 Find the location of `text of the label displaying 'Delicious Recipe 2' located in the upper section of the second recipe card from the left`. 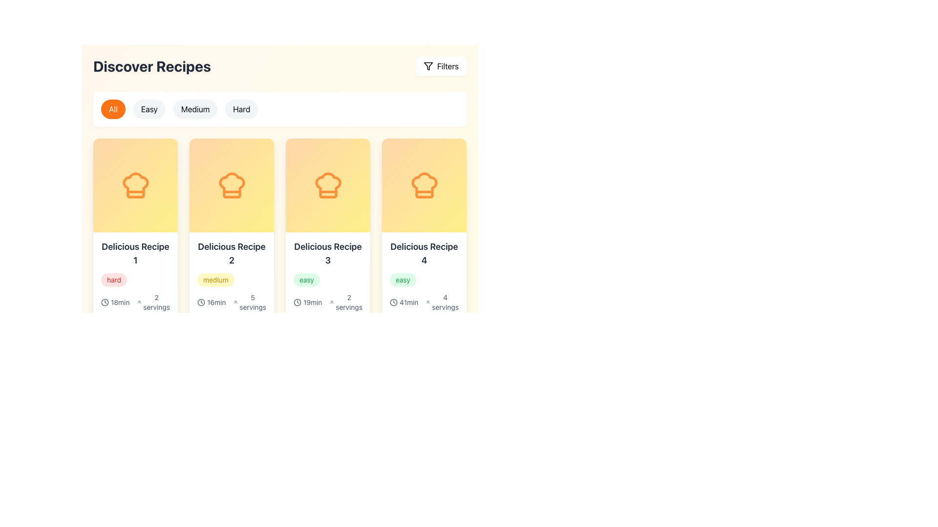

text of the label displaying 'Delicious Recipe 2' located in the upper section of the second recipe card from the left is located at coordinates (231, 253).